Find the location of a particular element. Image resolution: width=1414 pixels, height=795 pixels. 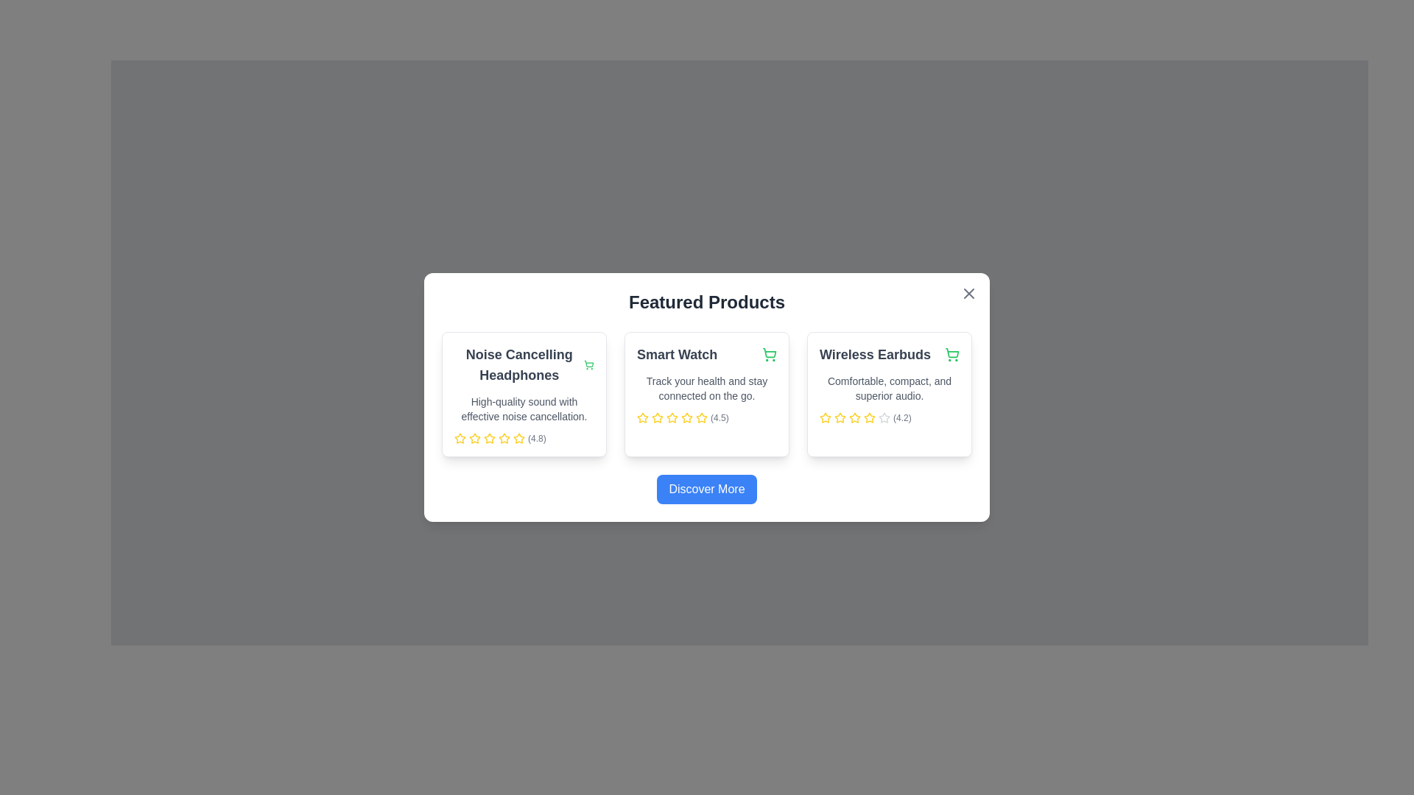

the stylized yellow star icon representing ratings, located below the description text within the 'Noise Cancelling Headphones' card in the 'Featured Products' popup is located at coordinates (474, 437).